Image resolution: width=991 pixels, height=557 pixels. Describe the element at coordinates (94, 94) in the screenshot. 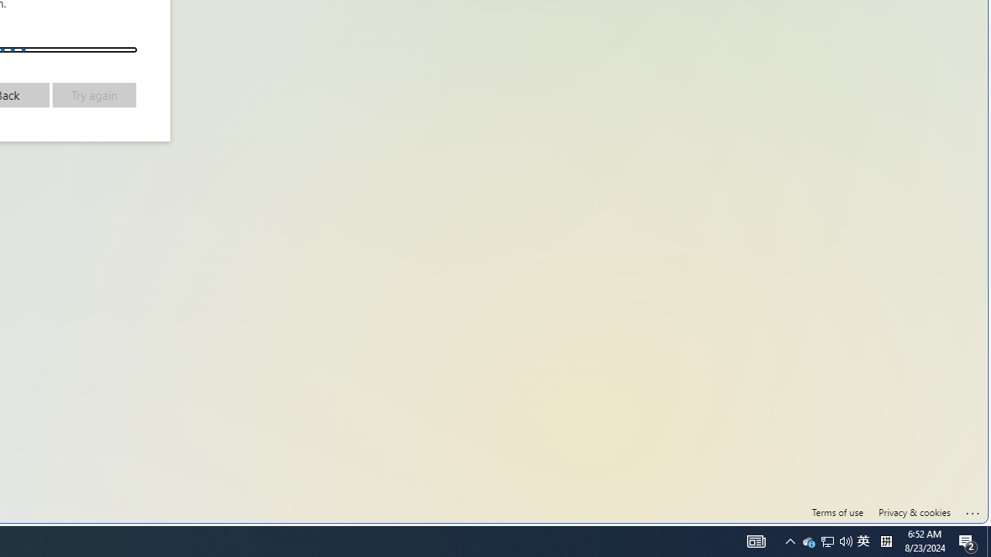

I see `'Try again'` at that location.